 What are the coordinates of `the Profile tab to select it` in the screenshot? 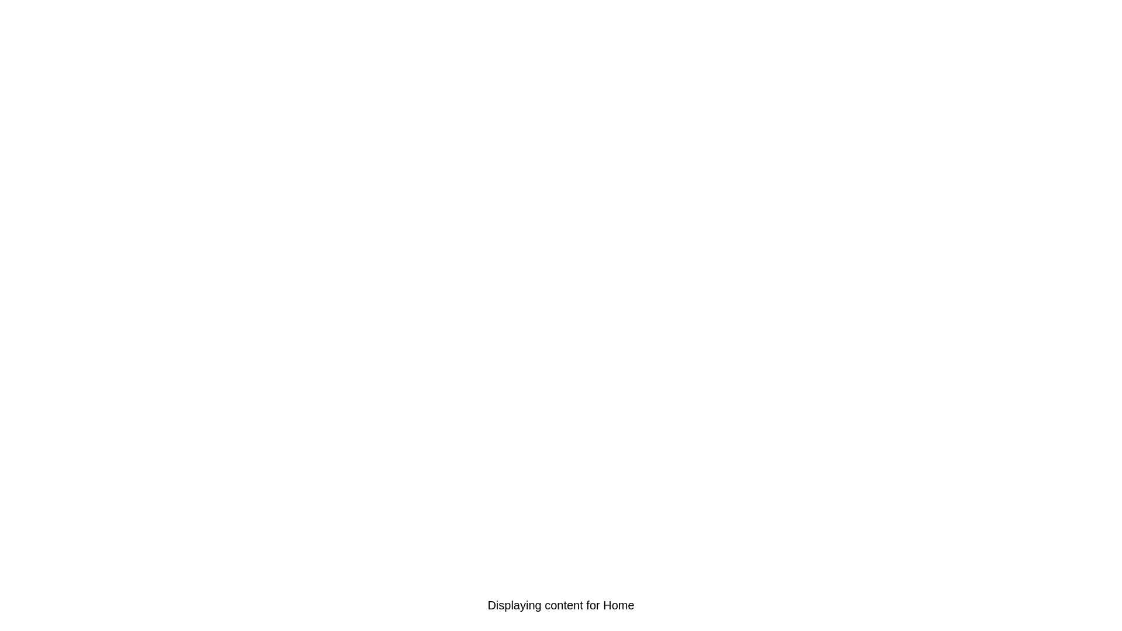 It's located at (1009, 605).